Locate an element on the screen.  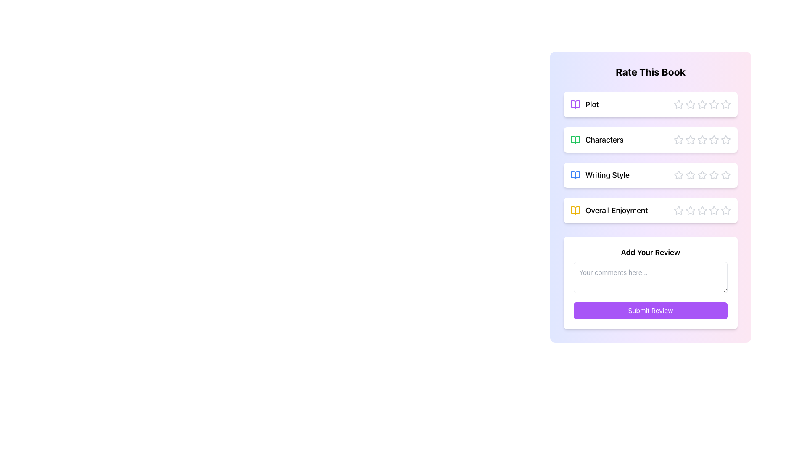
the prominently styled header that reads 'Rate This Book', which is center-aligned and positioned at the top of the review interface is located at coordinates (650, 71).